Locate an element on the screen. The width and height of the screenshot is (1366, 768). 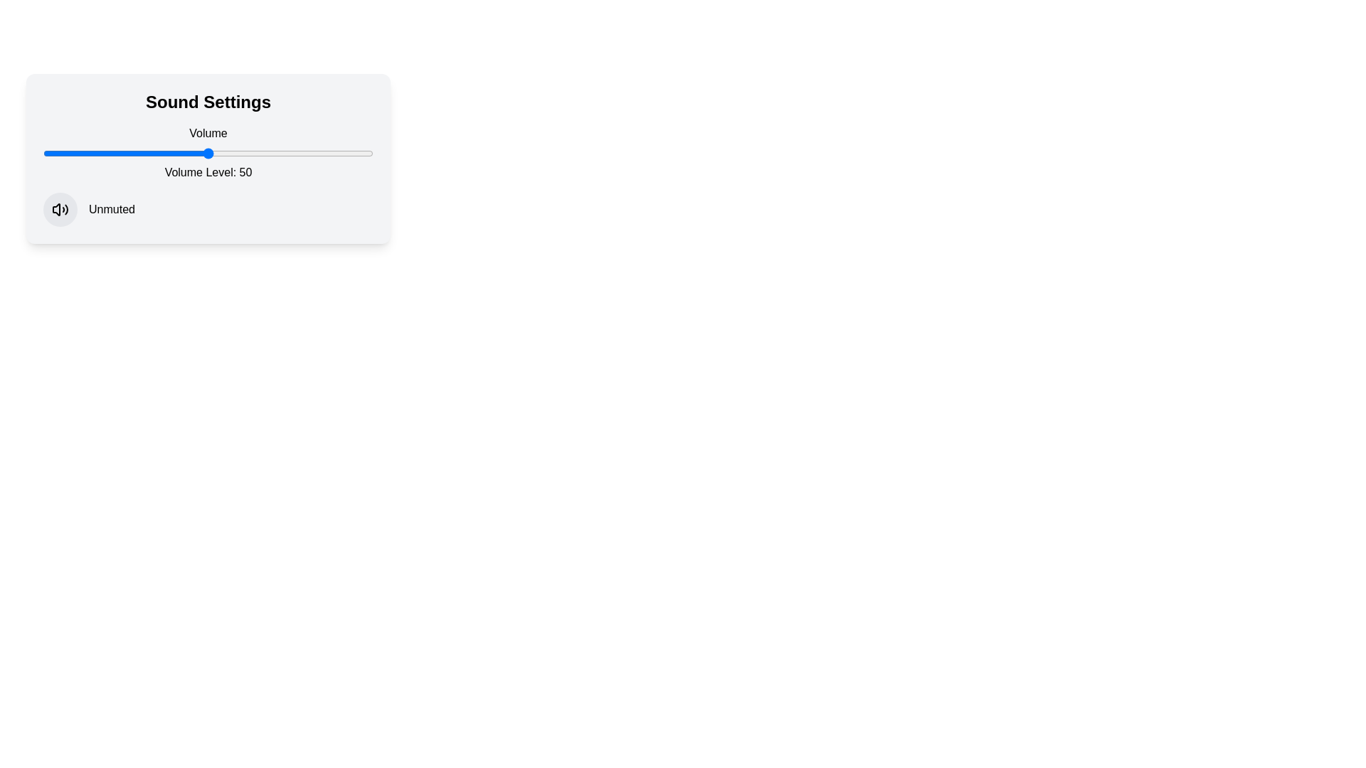
the volume is located at coordinates (224, 154).